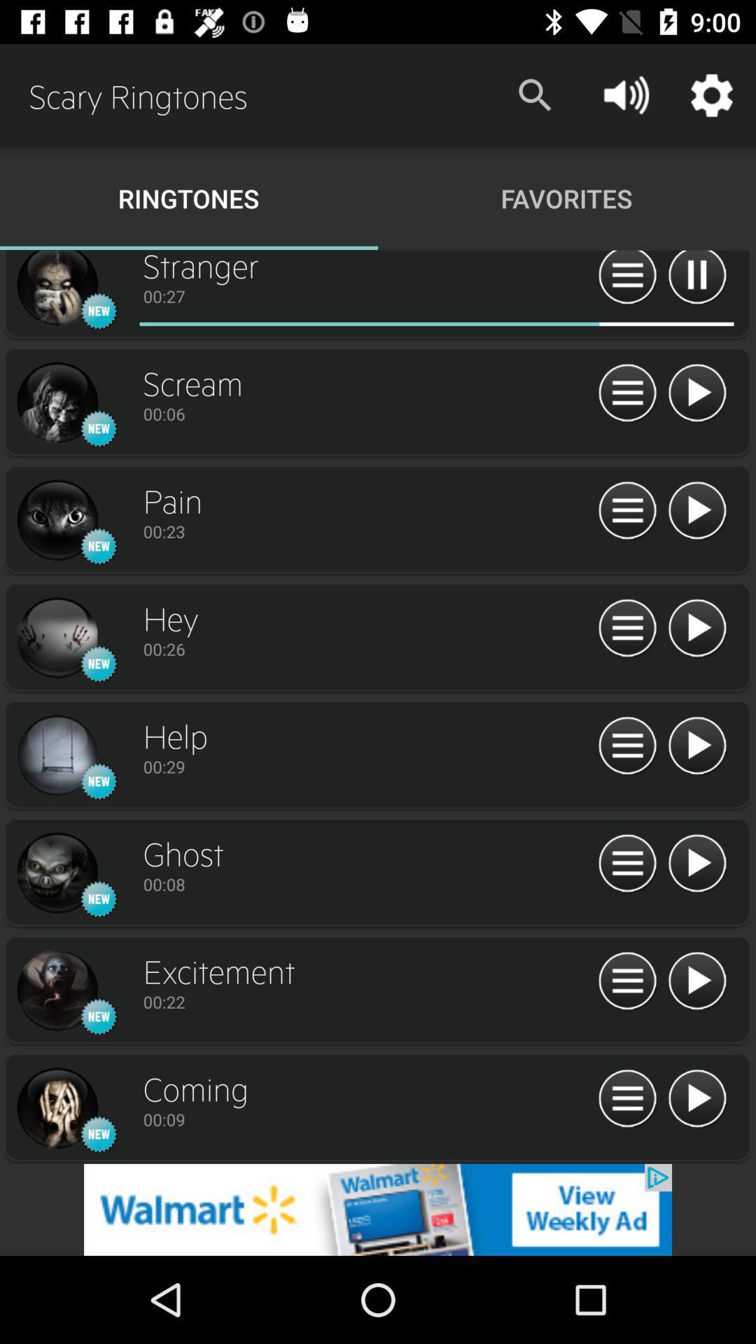 Image resolution: width=756 pixels, height=1344 pixels. Describe the element at coordinates (56, 402) in the screenshot. I see `photo` at that location.